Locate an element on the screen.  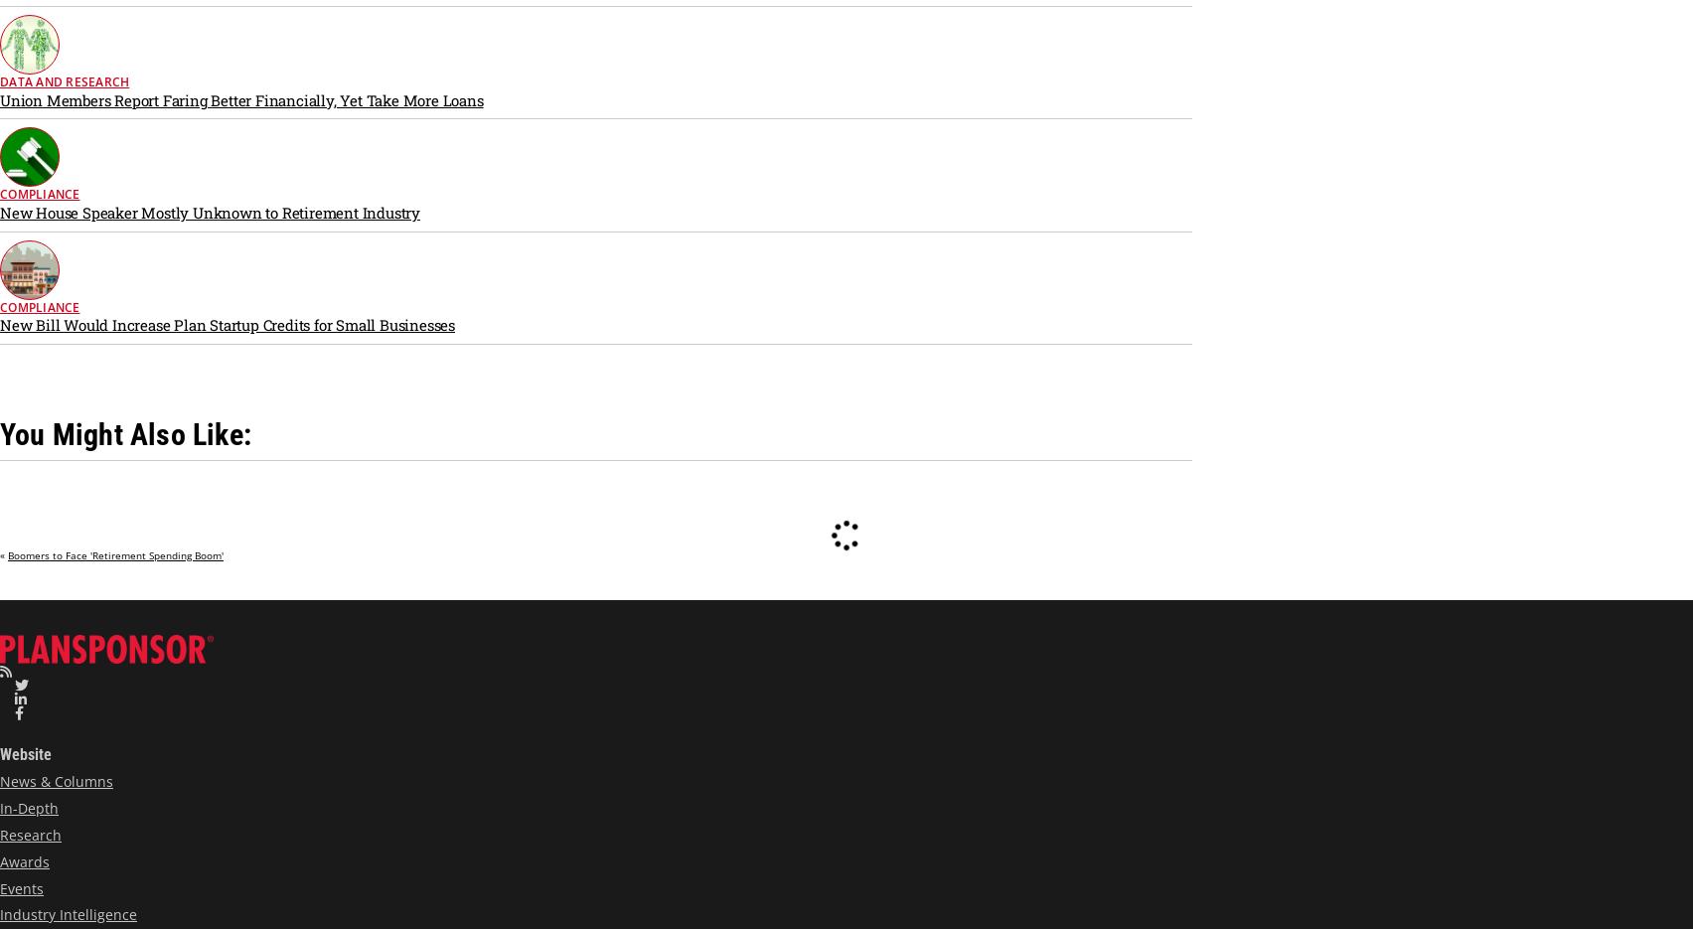
'News & Columns' is located at coordinates (0, 780).